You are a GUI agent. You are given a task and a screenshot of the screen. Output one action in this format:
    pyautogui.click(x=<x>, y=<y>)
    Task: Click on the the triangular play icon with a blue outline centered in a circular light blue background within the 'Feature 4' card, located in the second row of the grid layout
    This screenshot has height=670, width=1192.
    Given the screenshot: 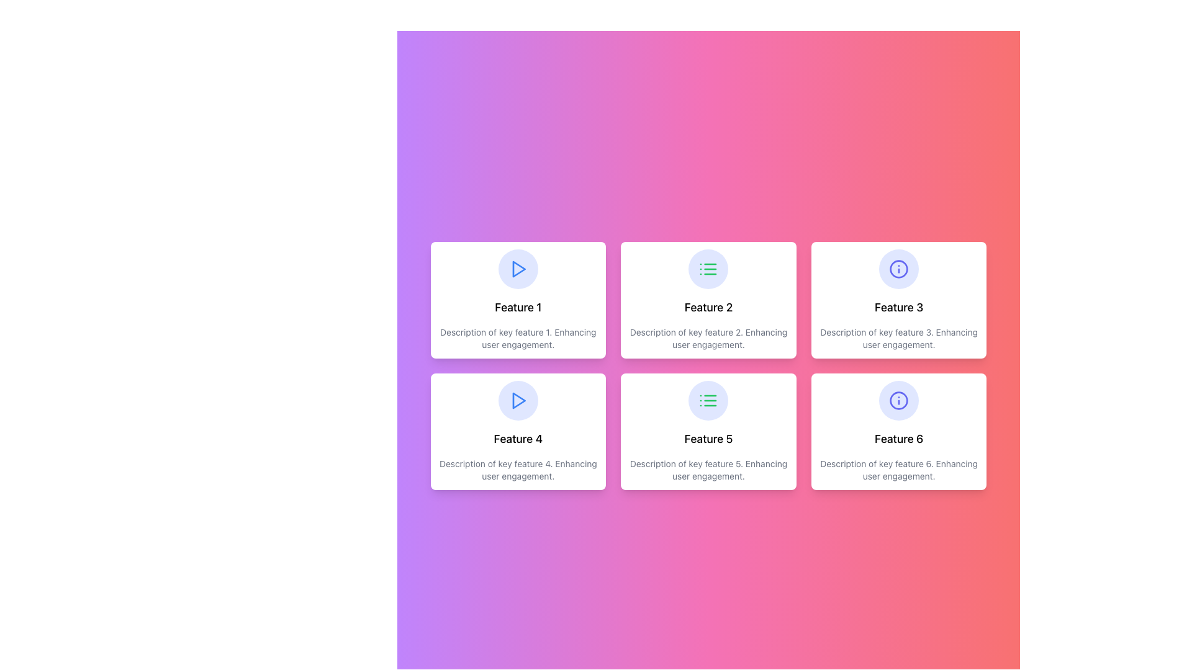 What is the action you would take?
    pyautogui.click(x=519, y=269)
    